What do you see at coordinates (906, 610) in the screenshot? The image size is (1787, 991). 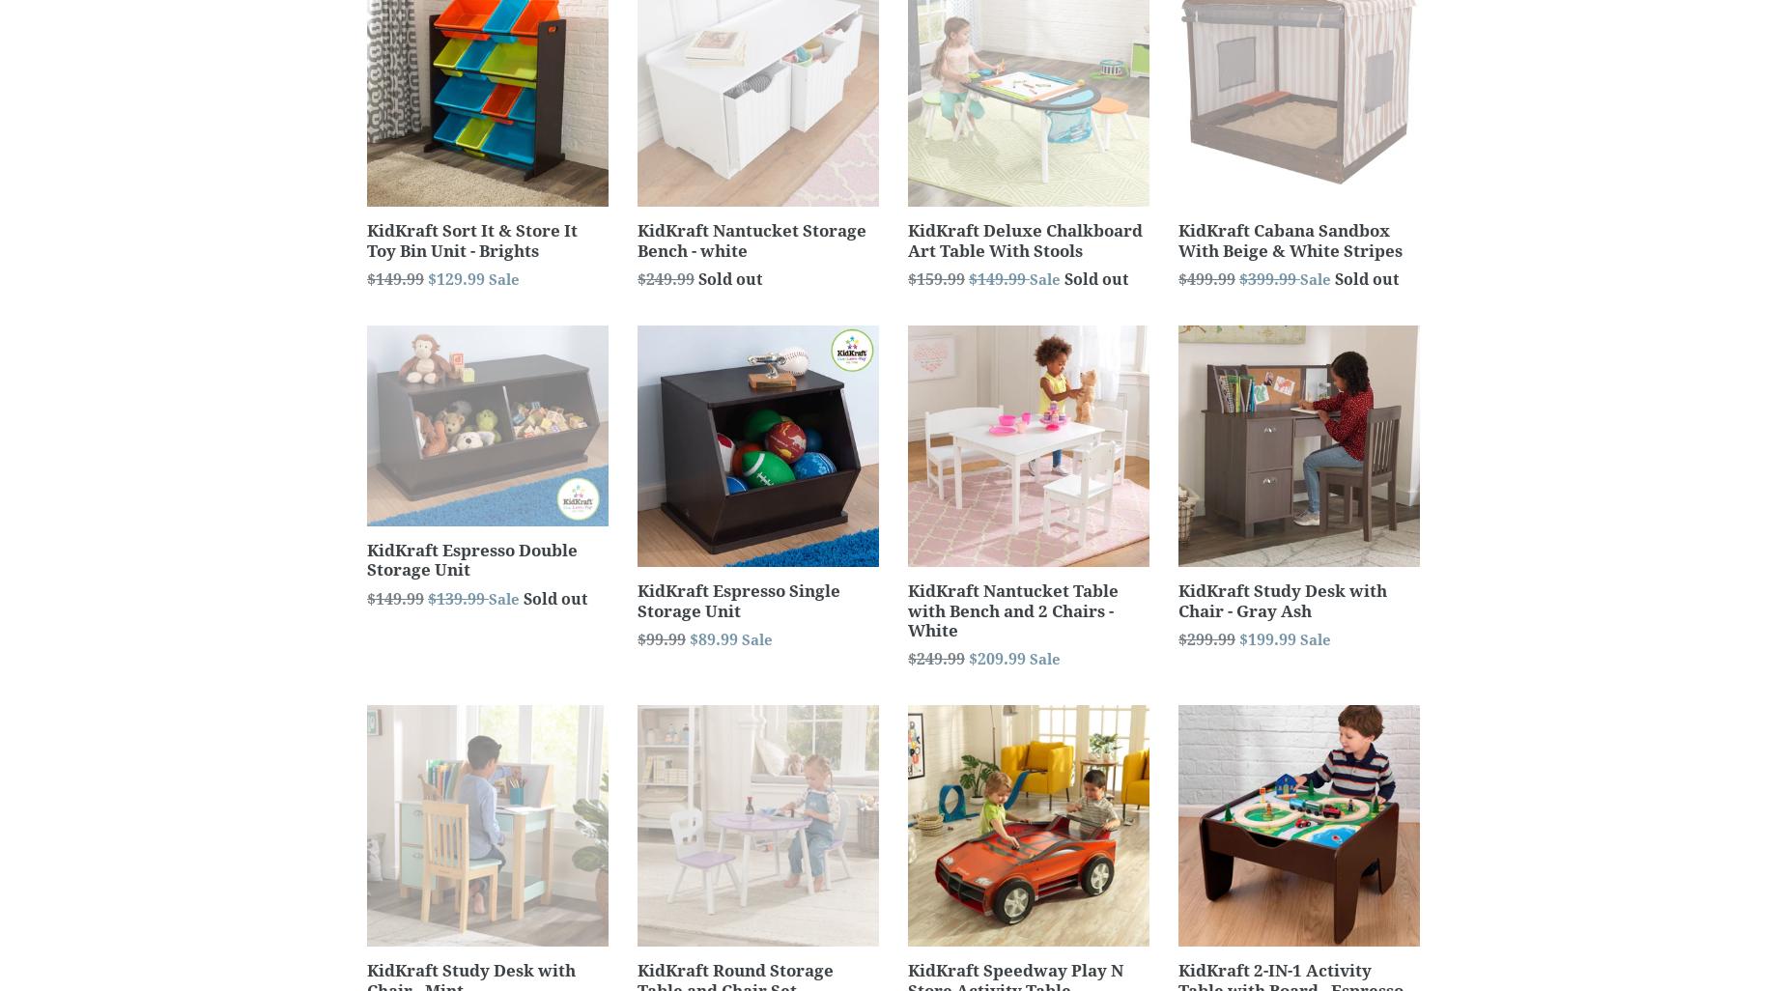 I see `'KidKraft Nantucket Table with Bench and 2 Chairs - White'` at bounding box center [906, 610].